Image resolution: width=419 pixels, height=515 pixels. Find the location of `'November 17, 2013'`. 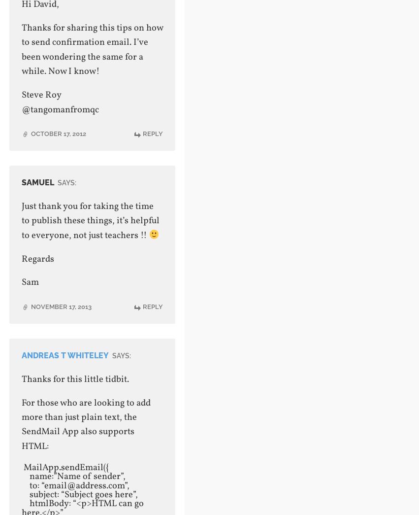

'November 17, 2013' is located at coordinates (61, 306).